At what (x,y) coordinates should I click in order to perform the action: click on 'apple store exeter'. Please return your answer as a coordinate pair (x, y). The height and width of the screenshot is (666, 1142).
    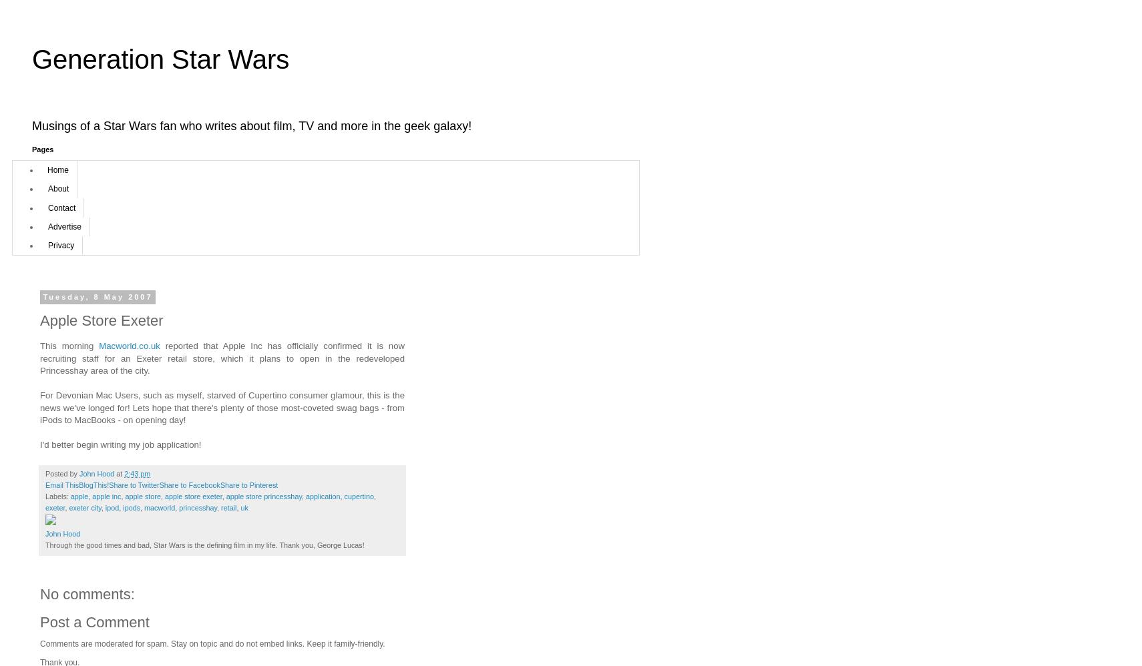
    Looking at the image, I should click on (164, 496).